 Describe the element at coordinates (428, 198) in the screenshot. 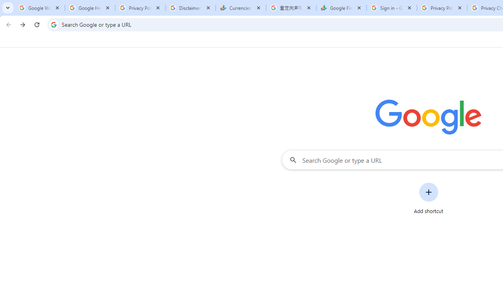

I see `'Add shortcut'` at that location.